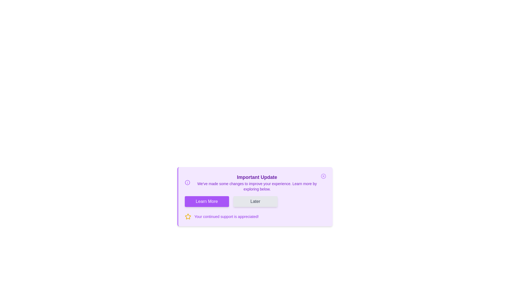 This screenshot has height=291, width=518. Describe the element at coordinates (323, 176) in the screenshot. I see `the close icon to dismiss the notification` at that location.